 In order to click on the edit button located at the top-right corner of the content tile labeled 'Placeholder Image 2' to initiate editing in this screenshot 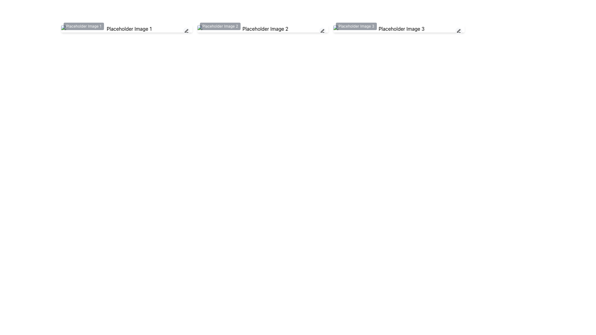, I will do `click(322, 31)`.